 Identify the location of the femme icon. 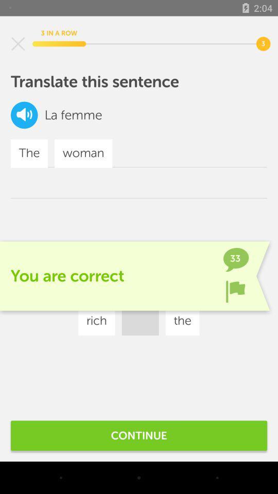
(81, 115).